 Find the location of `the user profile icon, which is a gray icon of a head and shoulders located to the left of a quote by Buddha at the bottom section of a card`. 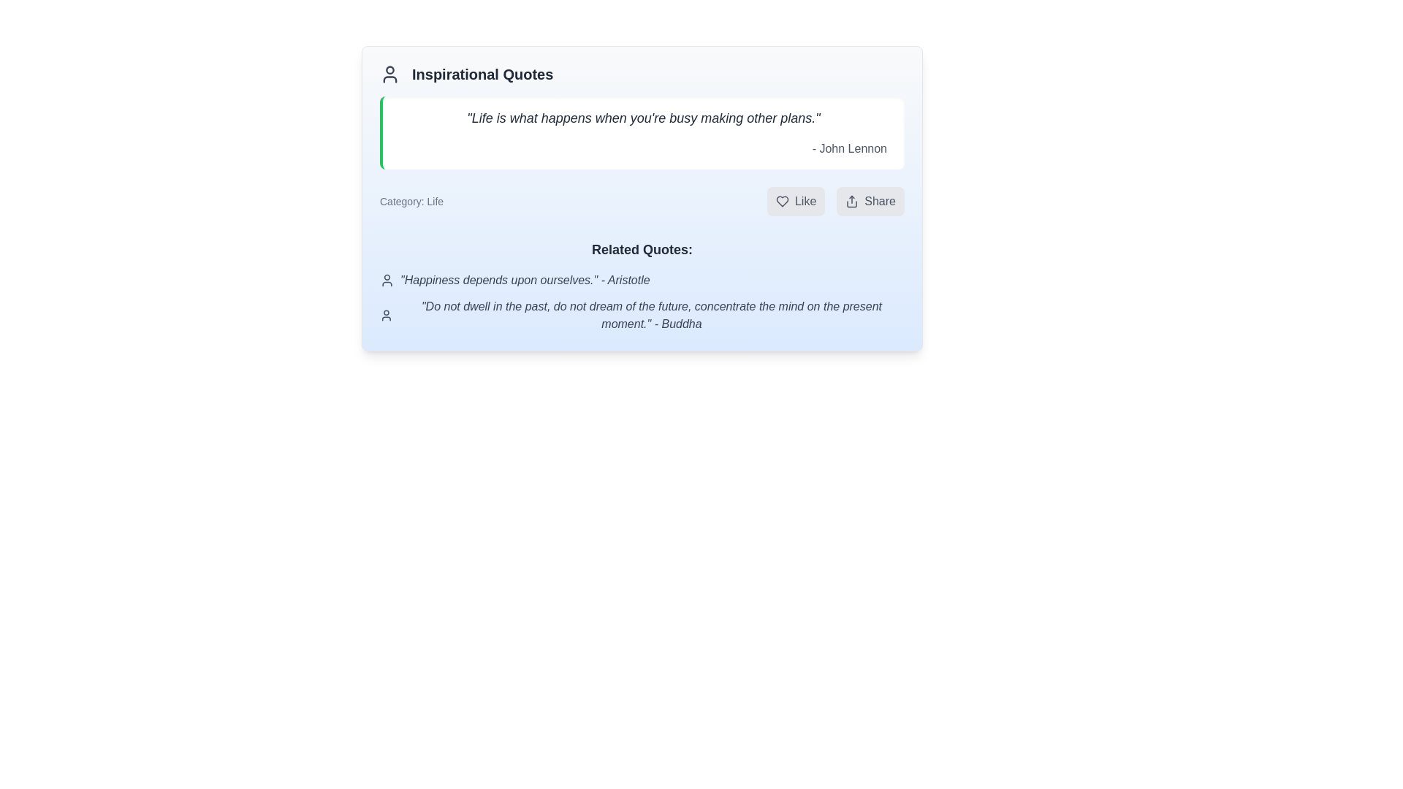

the user profile icon, which is a gray icon of a head and shoulders located to the left of a quote by Buddha at the bottom section of a card is located at coordinates (386, 315).